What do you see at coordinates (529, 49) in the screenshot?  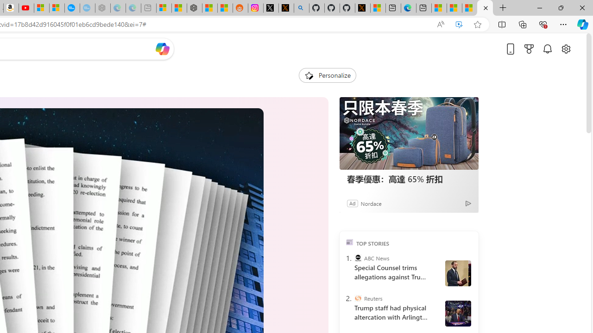 I see `'Microsoft rewards'` at bounding box center [529, 49].